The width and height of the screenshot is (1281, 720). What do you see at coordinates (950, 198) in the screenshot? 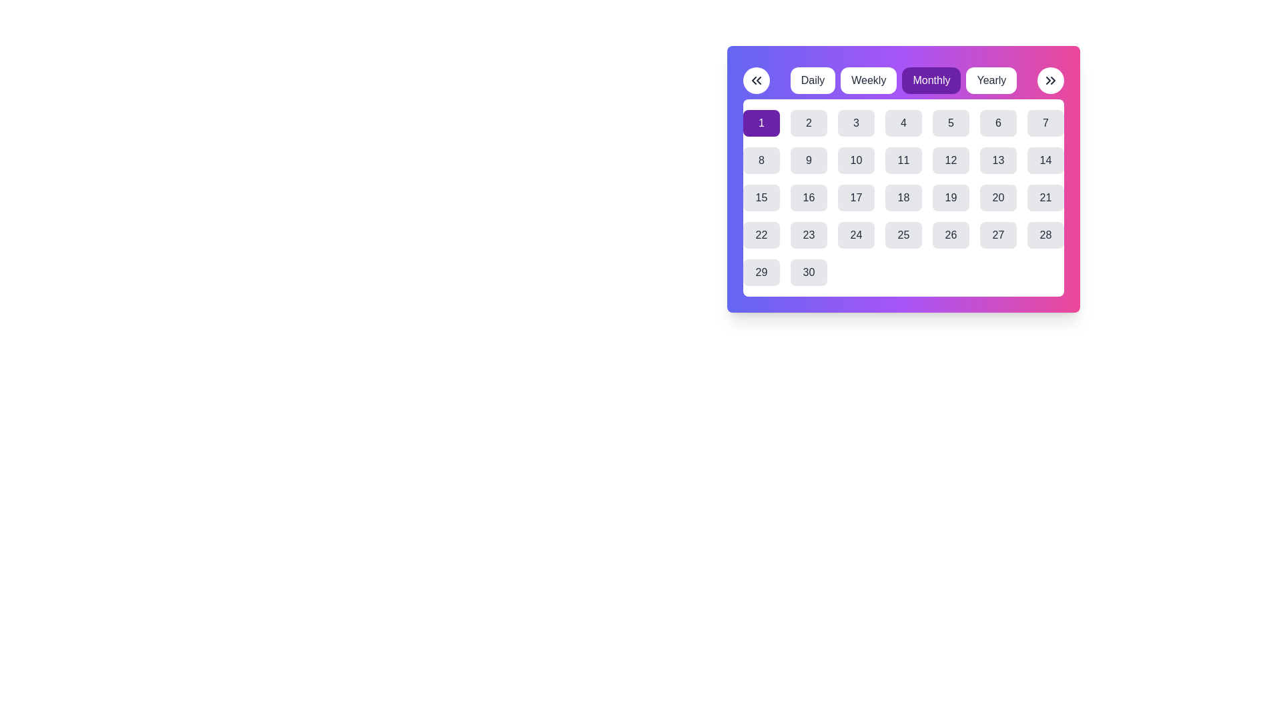
I see `the button labeled '19' which is styled with a light gray background and dark gray text` at bounding box center [950, 198].